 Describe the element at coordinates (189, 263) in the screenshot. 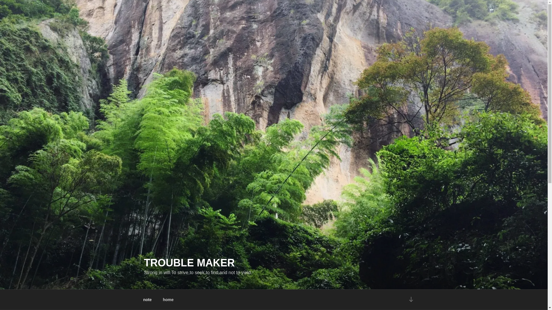

I see `'TROUBLE MAKER'` at that location.